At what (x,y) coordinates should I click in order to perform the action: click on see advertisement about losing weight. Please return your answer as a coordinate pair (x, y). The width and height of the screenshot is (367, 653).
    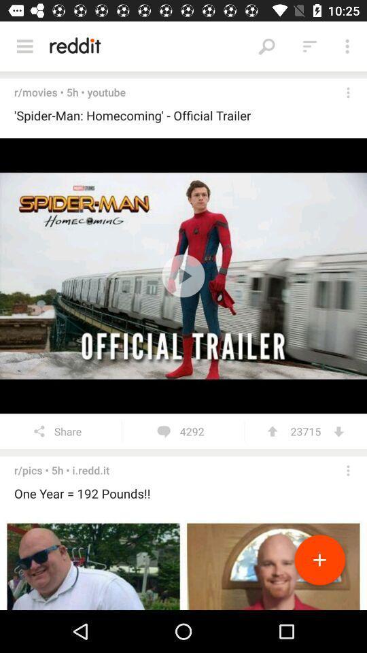
    Looking at the image, I should click on (183, 563).